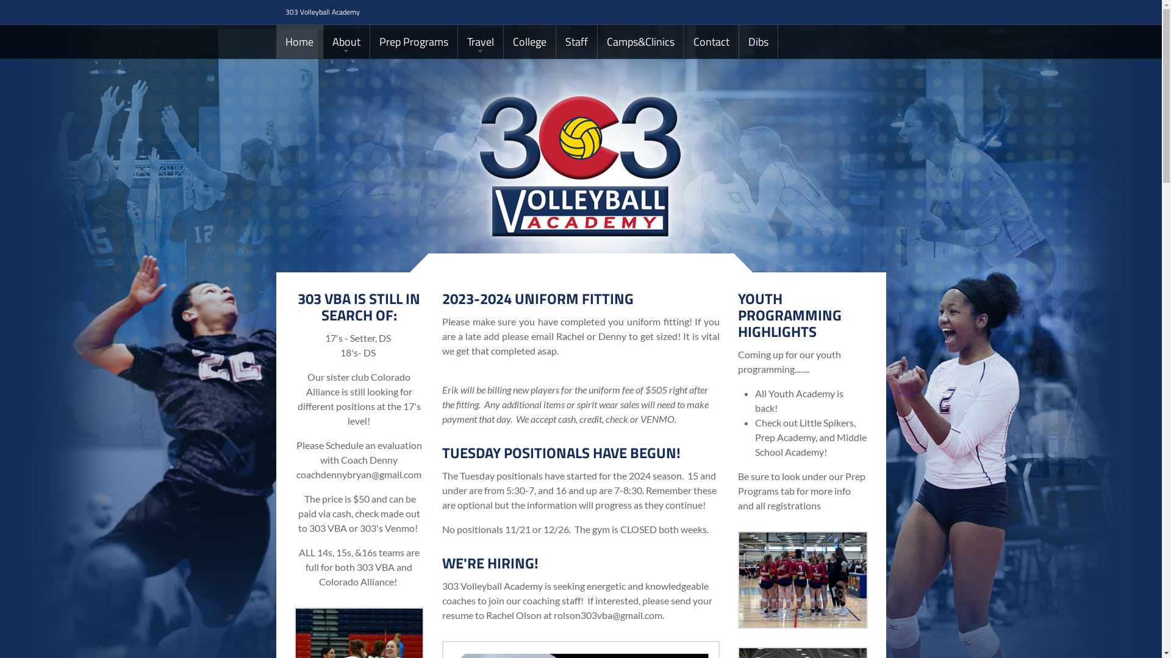  What do you see at coordinates (711, 41) in the screenshot?
I see `'Contact'` at bounding box center [711, 41].